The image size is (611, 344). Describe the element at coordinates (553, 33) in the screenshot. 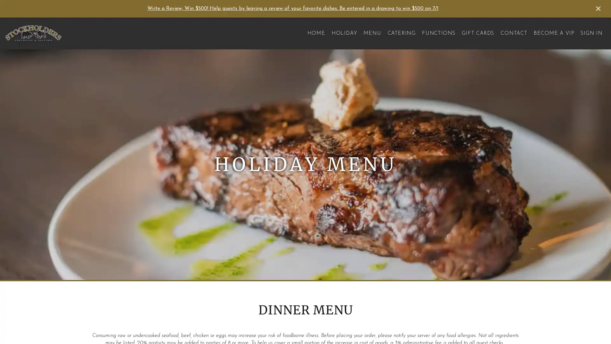

I see `BECOME A VIP` at that location.